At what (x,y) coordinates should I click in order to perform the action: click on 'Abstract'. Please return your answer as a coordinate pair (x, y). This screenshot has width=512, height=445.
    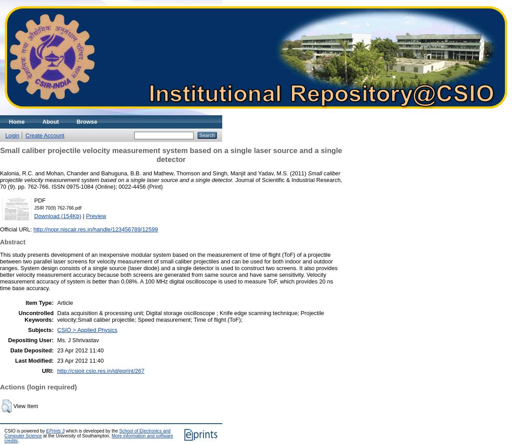
    Looking at the image, I should click on (12, 242).